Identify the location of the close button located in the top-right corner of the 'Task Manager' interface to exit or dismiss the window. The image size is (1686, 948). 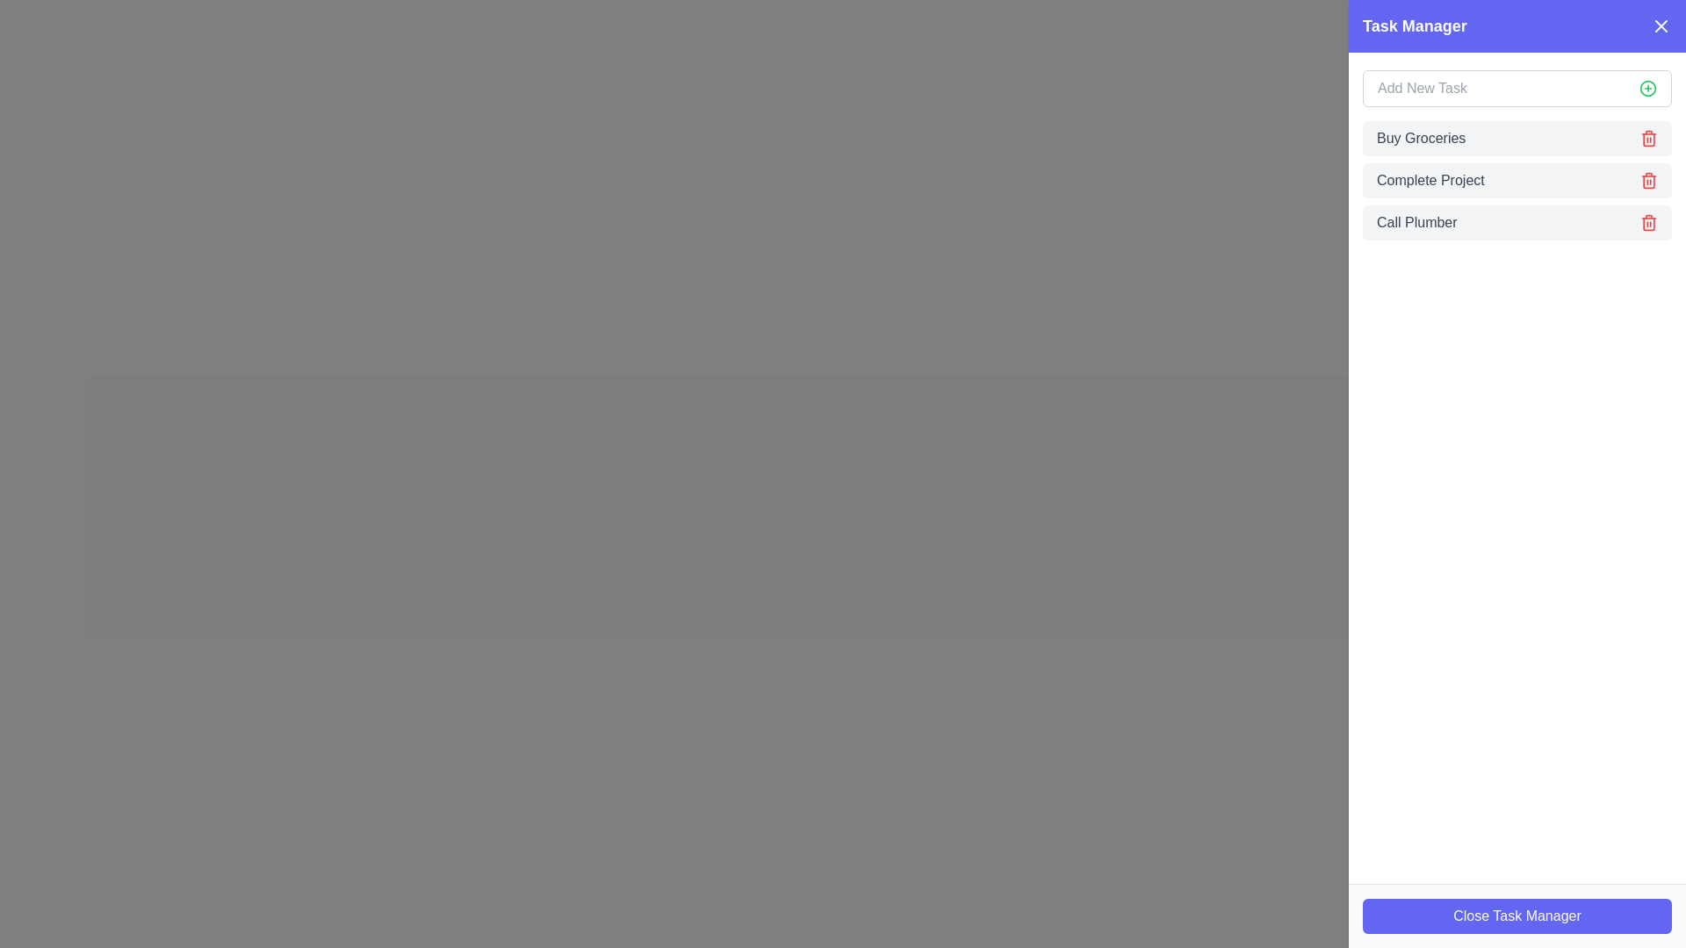
(1660, 26).